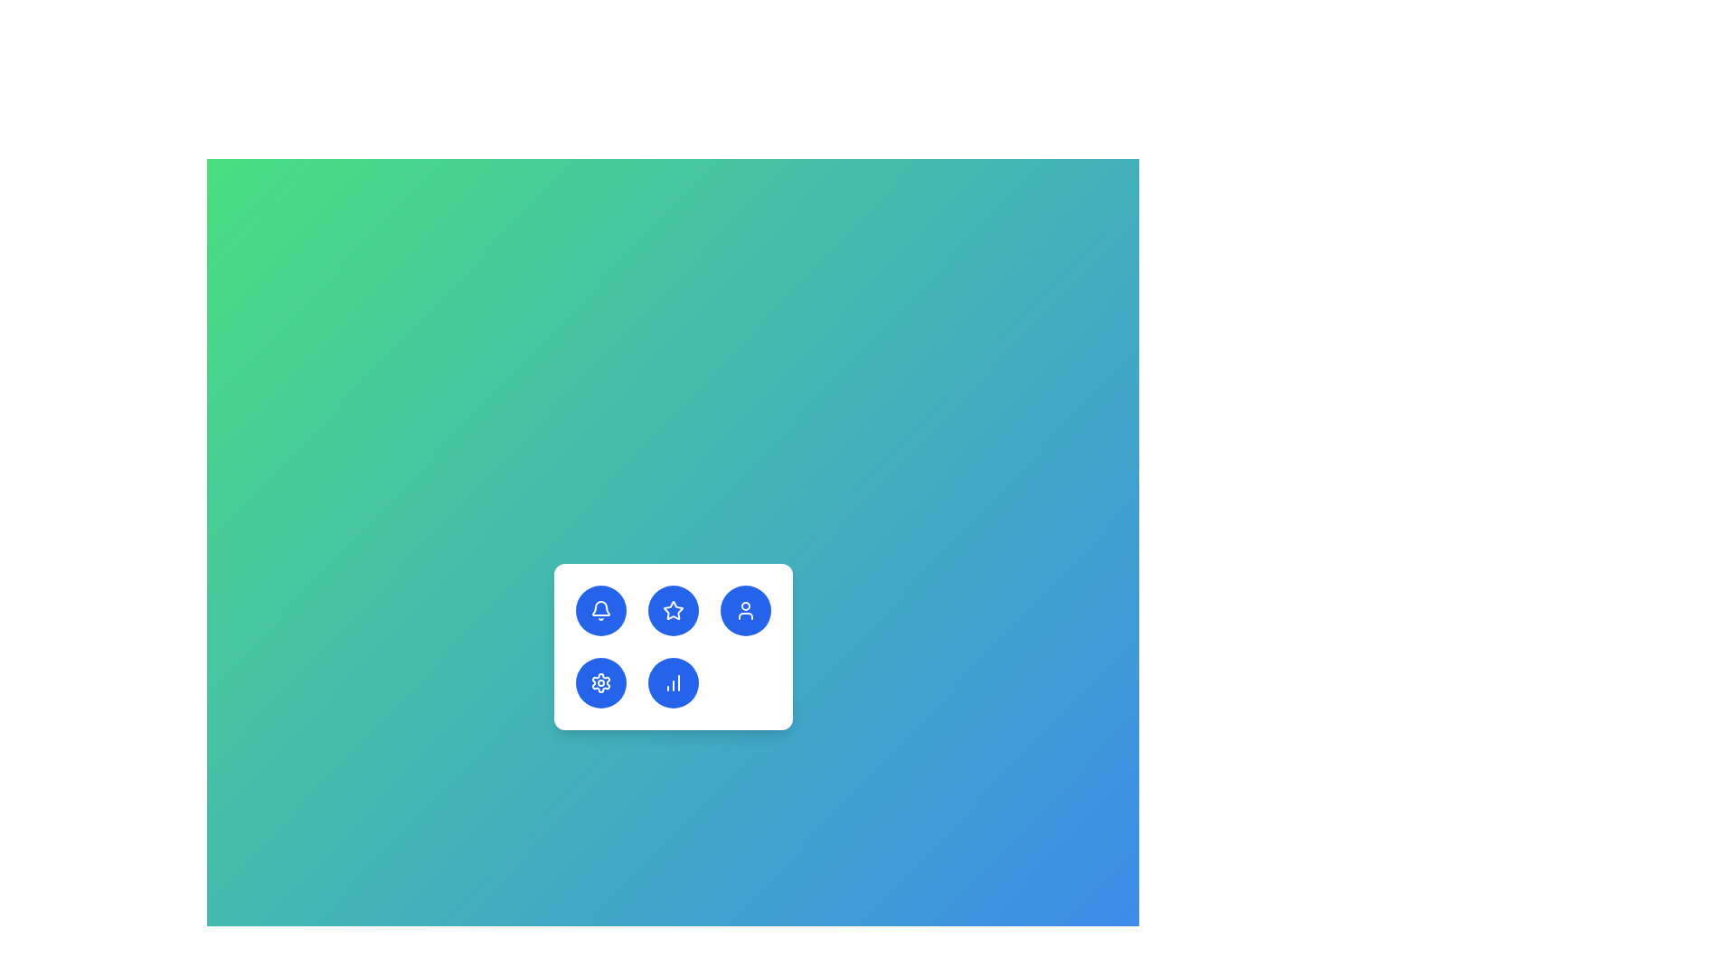 The image size is (1736, 976). What do you see at coordinates (600, 610) in the screenshot?
I see `the bell icon, which is a white bell styled within a circular blue button located at the top-left corner of a 2x3 grid of buttons` at bounding box center [600, 610].